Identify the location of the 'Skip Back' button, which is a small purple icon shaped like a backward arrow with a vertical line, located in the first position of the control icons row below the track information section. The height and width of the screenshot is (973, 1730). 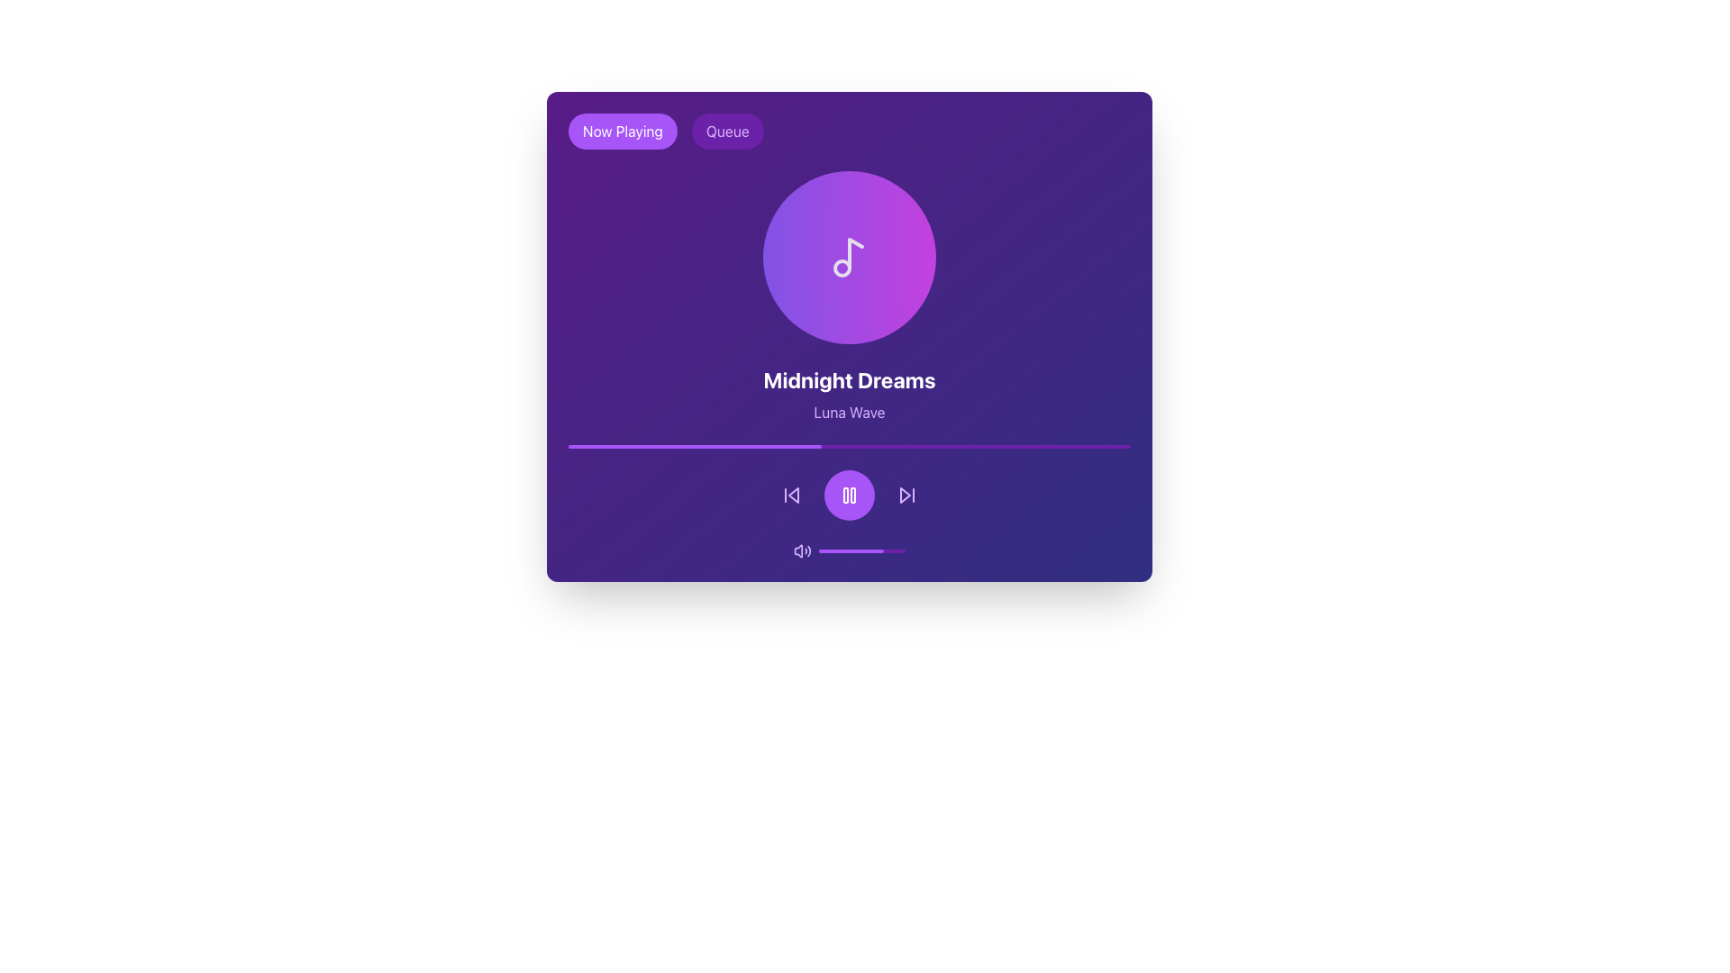
(791, 496).